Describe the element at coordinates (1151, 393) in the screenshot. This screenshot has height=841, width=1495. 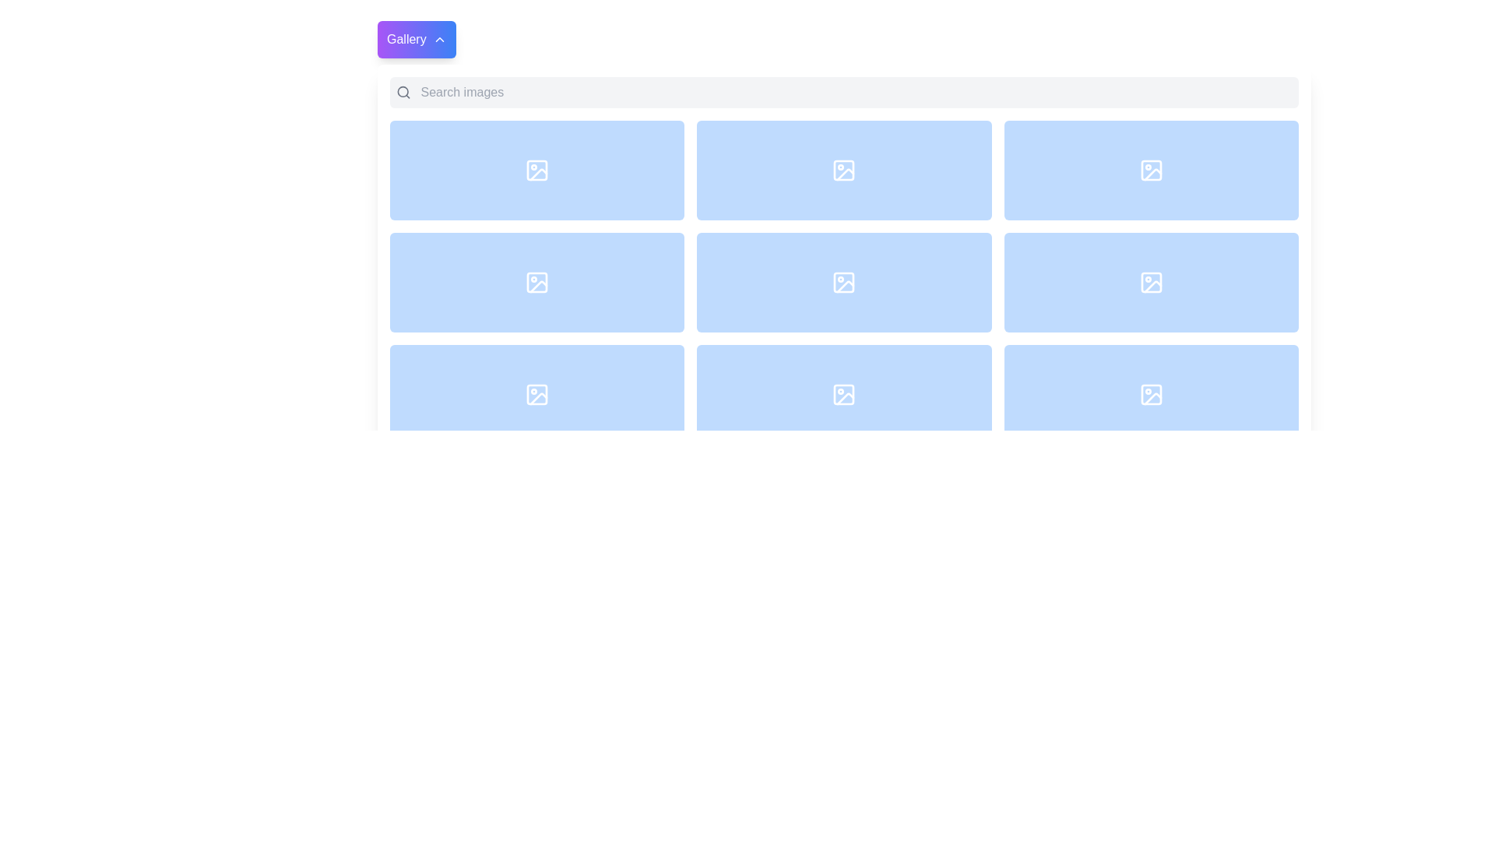
I see `decorative segment of the icon within the gallery layout, specifically the small rounded rectangle located in the bottom-right quadrant of the image placeholder icon` at that location.